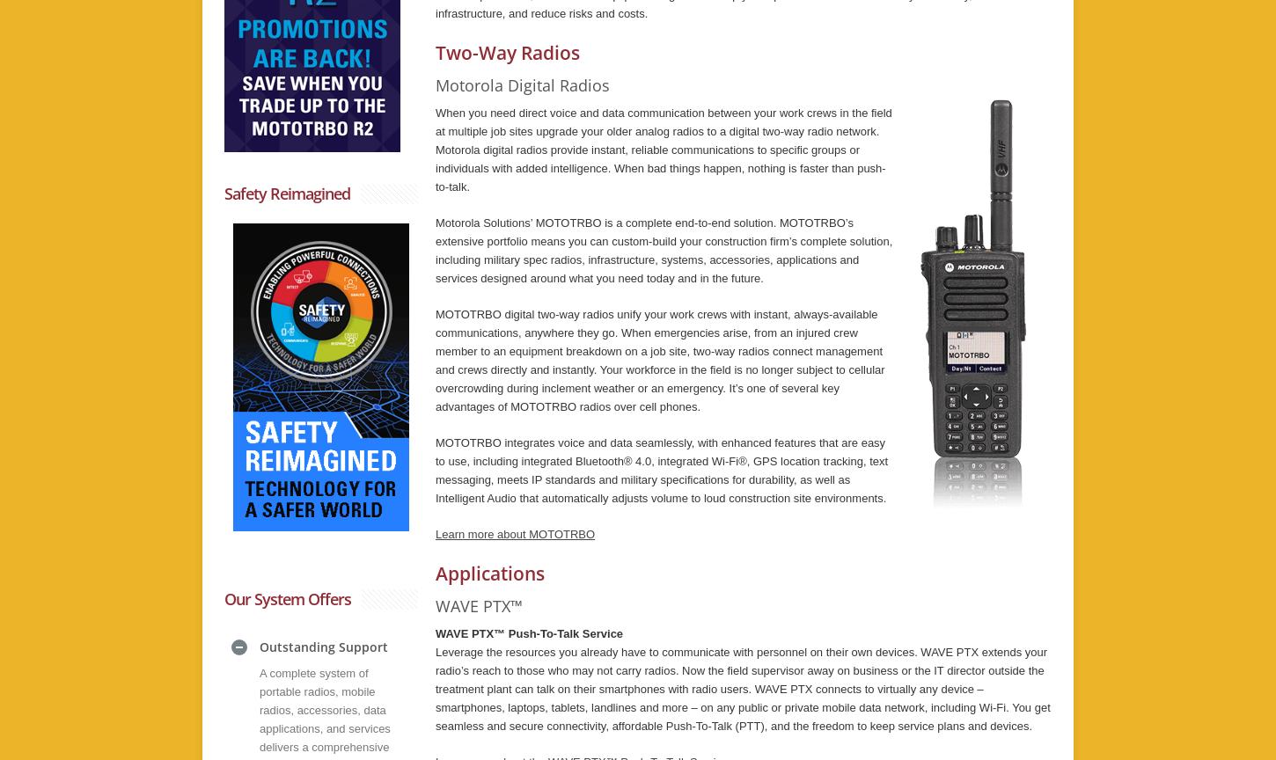 This screenshot has width=1276, height=760. Describe the element at coordinates (529, 633) in the screenshot. I see `'WAVE PTX™ Push-To-Talk Service'` at that location.